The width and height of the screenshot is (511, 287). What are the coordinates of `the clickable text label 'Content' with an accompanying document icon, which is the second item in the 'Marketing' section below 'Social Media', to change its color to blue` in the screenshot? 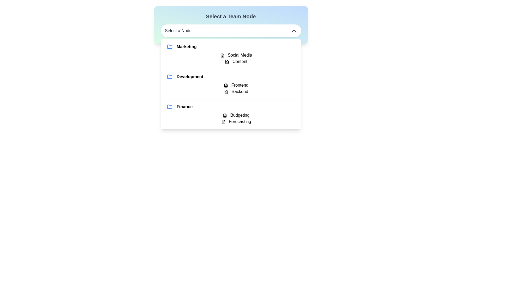 It's located at (236, 61).